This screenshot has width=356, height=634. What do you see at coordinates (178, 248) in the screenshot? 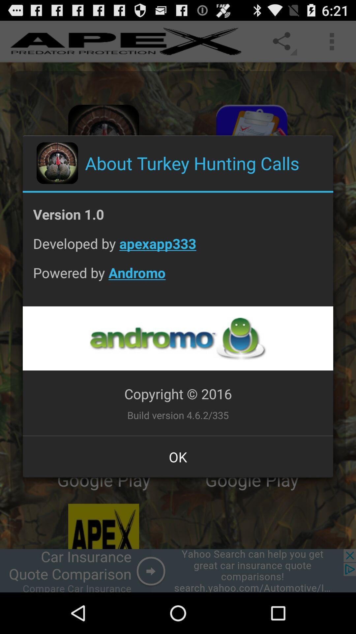
I see `developed by apexapp333 app` at bounding box center [178, 248].